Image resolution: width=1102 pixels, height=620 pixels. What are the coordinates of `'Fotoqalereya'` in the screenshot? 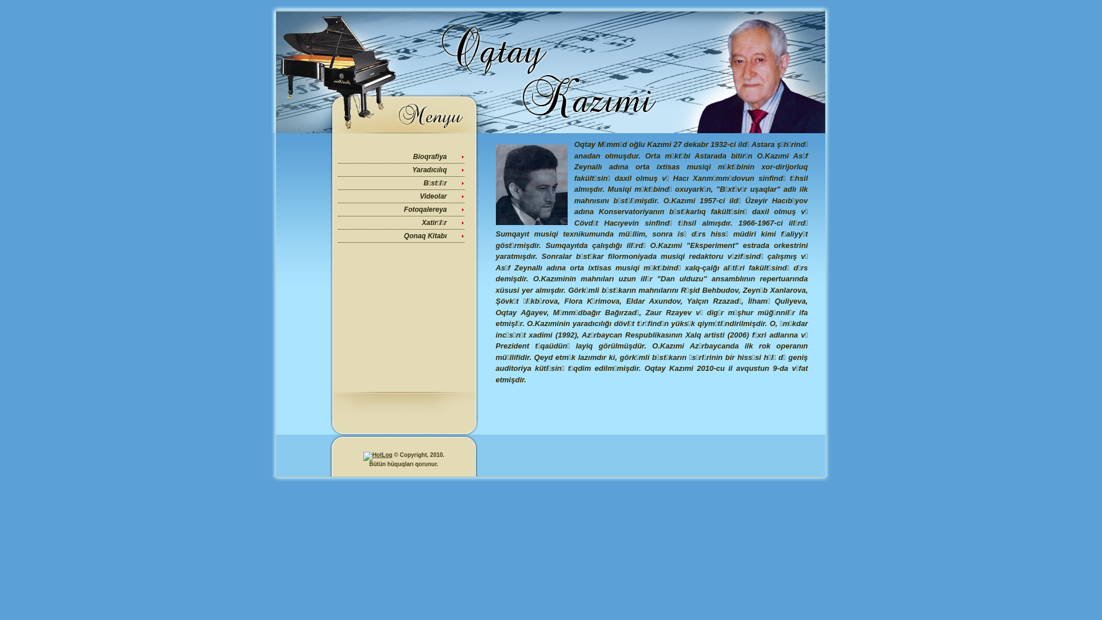 It's located at (425, 210).